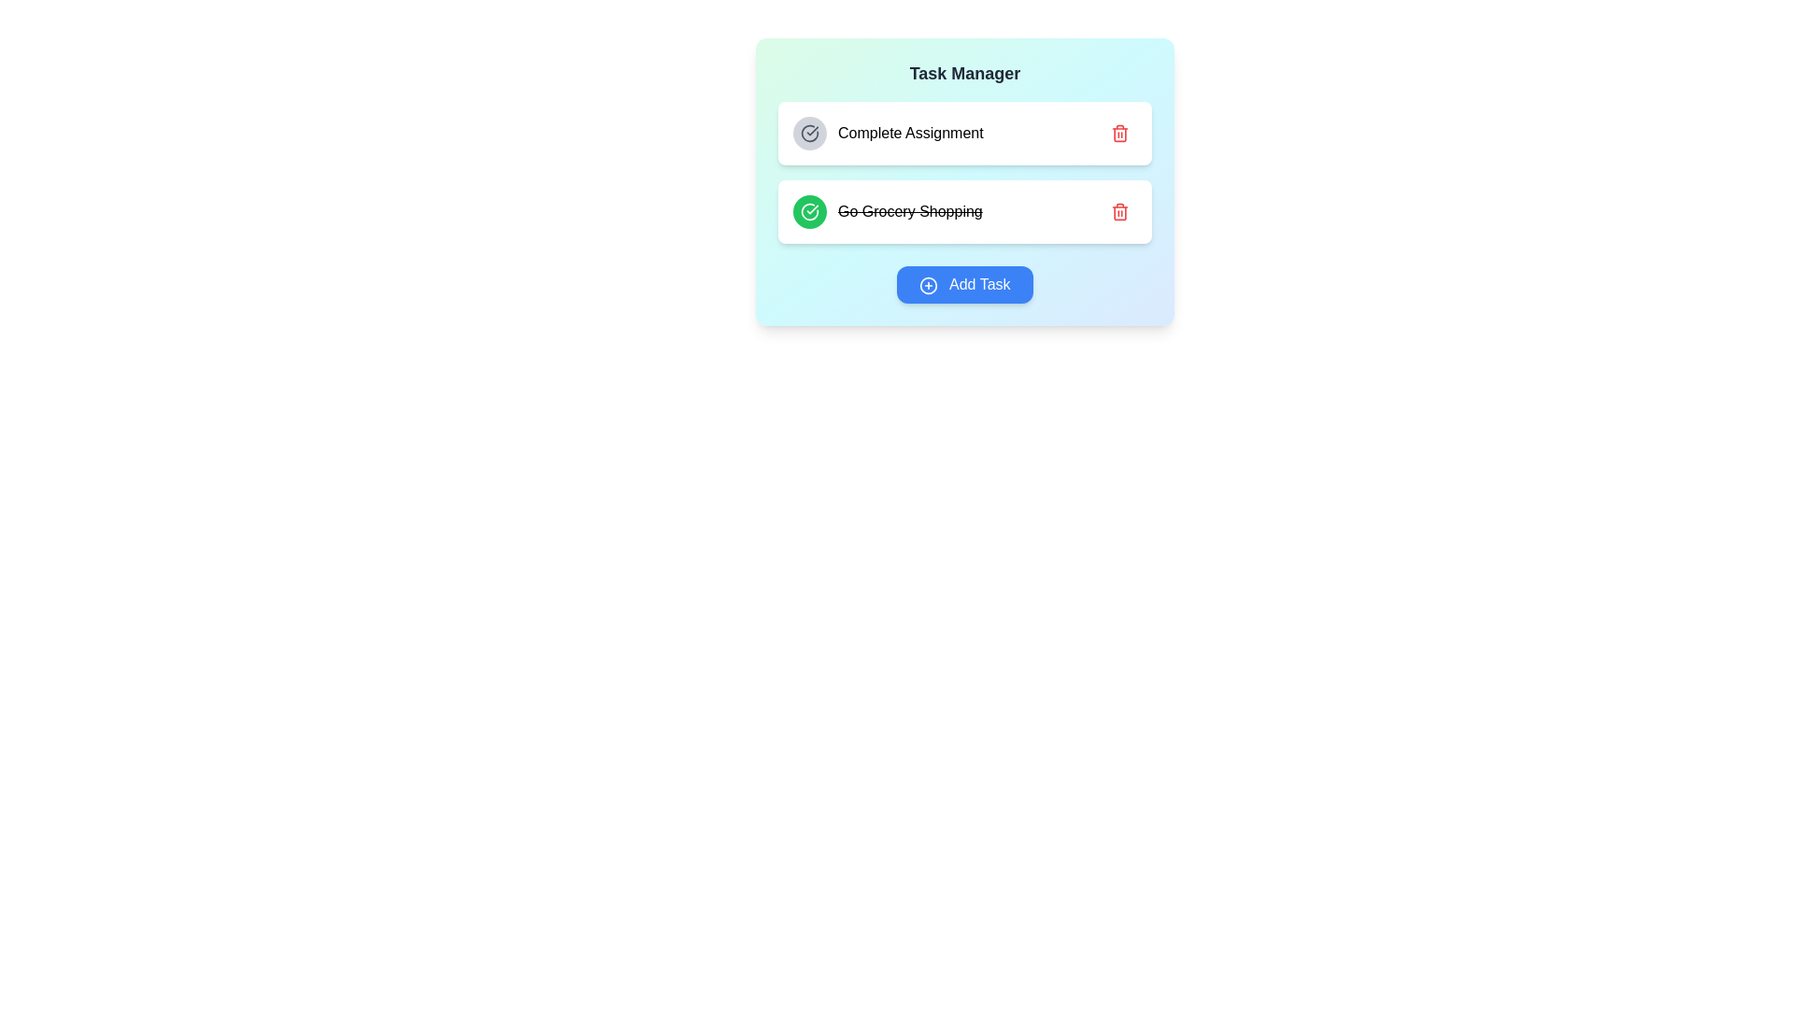 The image size is (1794, 1009). Describe the element at coordinates (964, 284) in the screenshot. I see `the 'Add Task' button located at the bottom of the 'Task Manager' panel` at that location.